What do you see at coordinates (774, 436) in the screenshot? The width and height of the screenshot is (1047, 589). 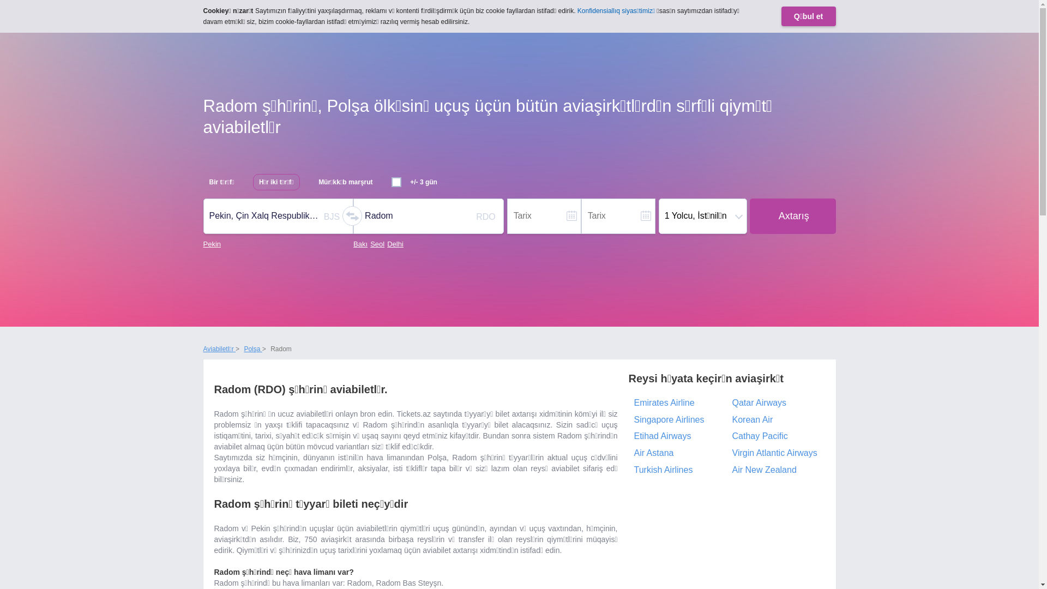 I see `'Cathay Pacific'` at bounding box center [774, 436].